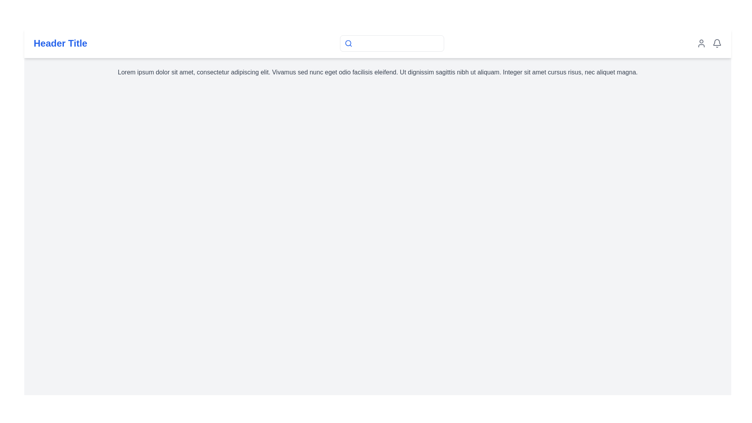 The height and width of the screenshot is (423, 752). What do you see at coordinates (717, 42) in the screenshot?
I see `the notification icon (bell) located at the top-right corner of the interface` at bounding box center [717, 42].